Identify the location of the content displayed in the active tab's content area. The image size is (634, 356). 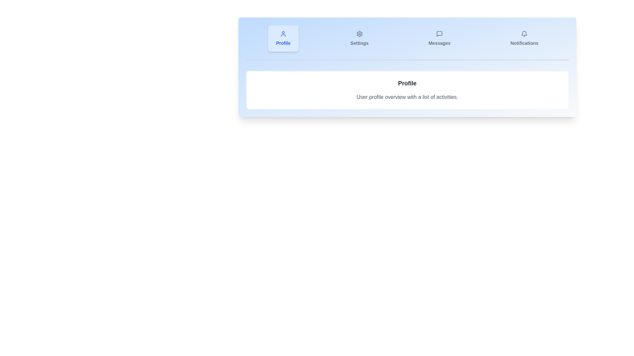
(407, 90).